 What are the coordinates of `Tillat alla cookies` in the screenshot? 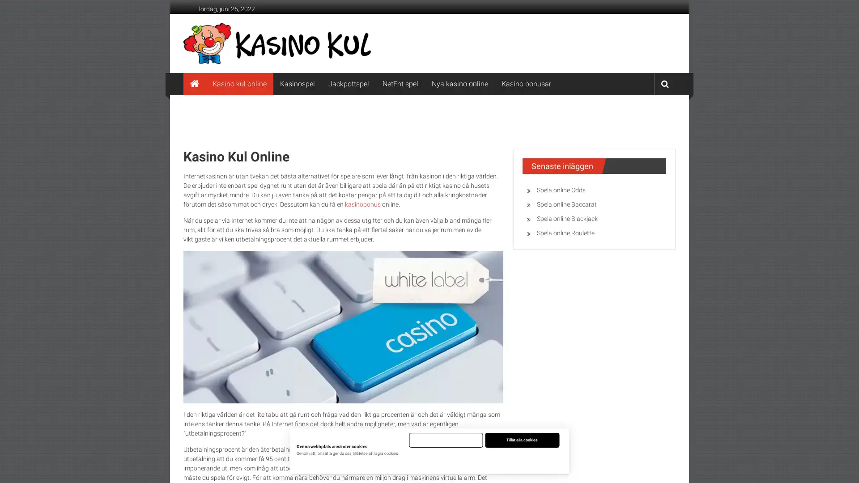 It's located at (522, 440).